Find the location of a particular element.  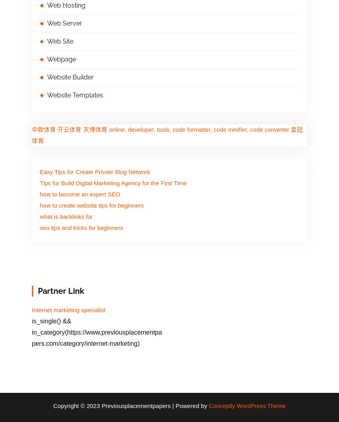

'online, developer, tools, code formatter, code minifier, code converter' is located at coordinates (108, 130).